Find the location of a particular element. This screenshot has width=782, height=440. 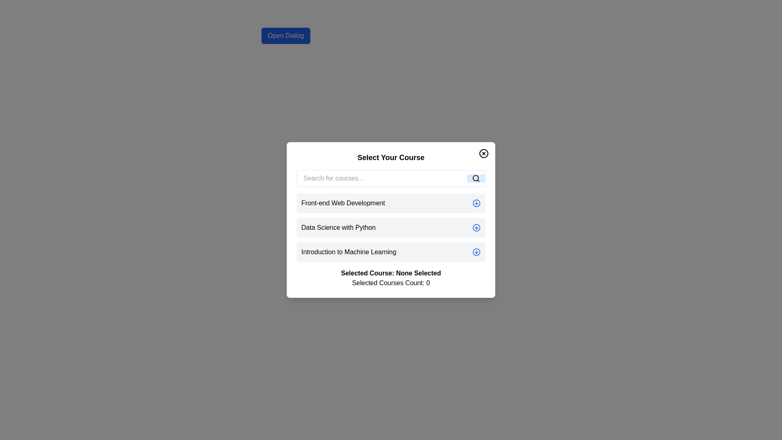

the input field of the search bar located within the 'Select Your Course' dialog to focus on it is located at coordinates (391, 178).